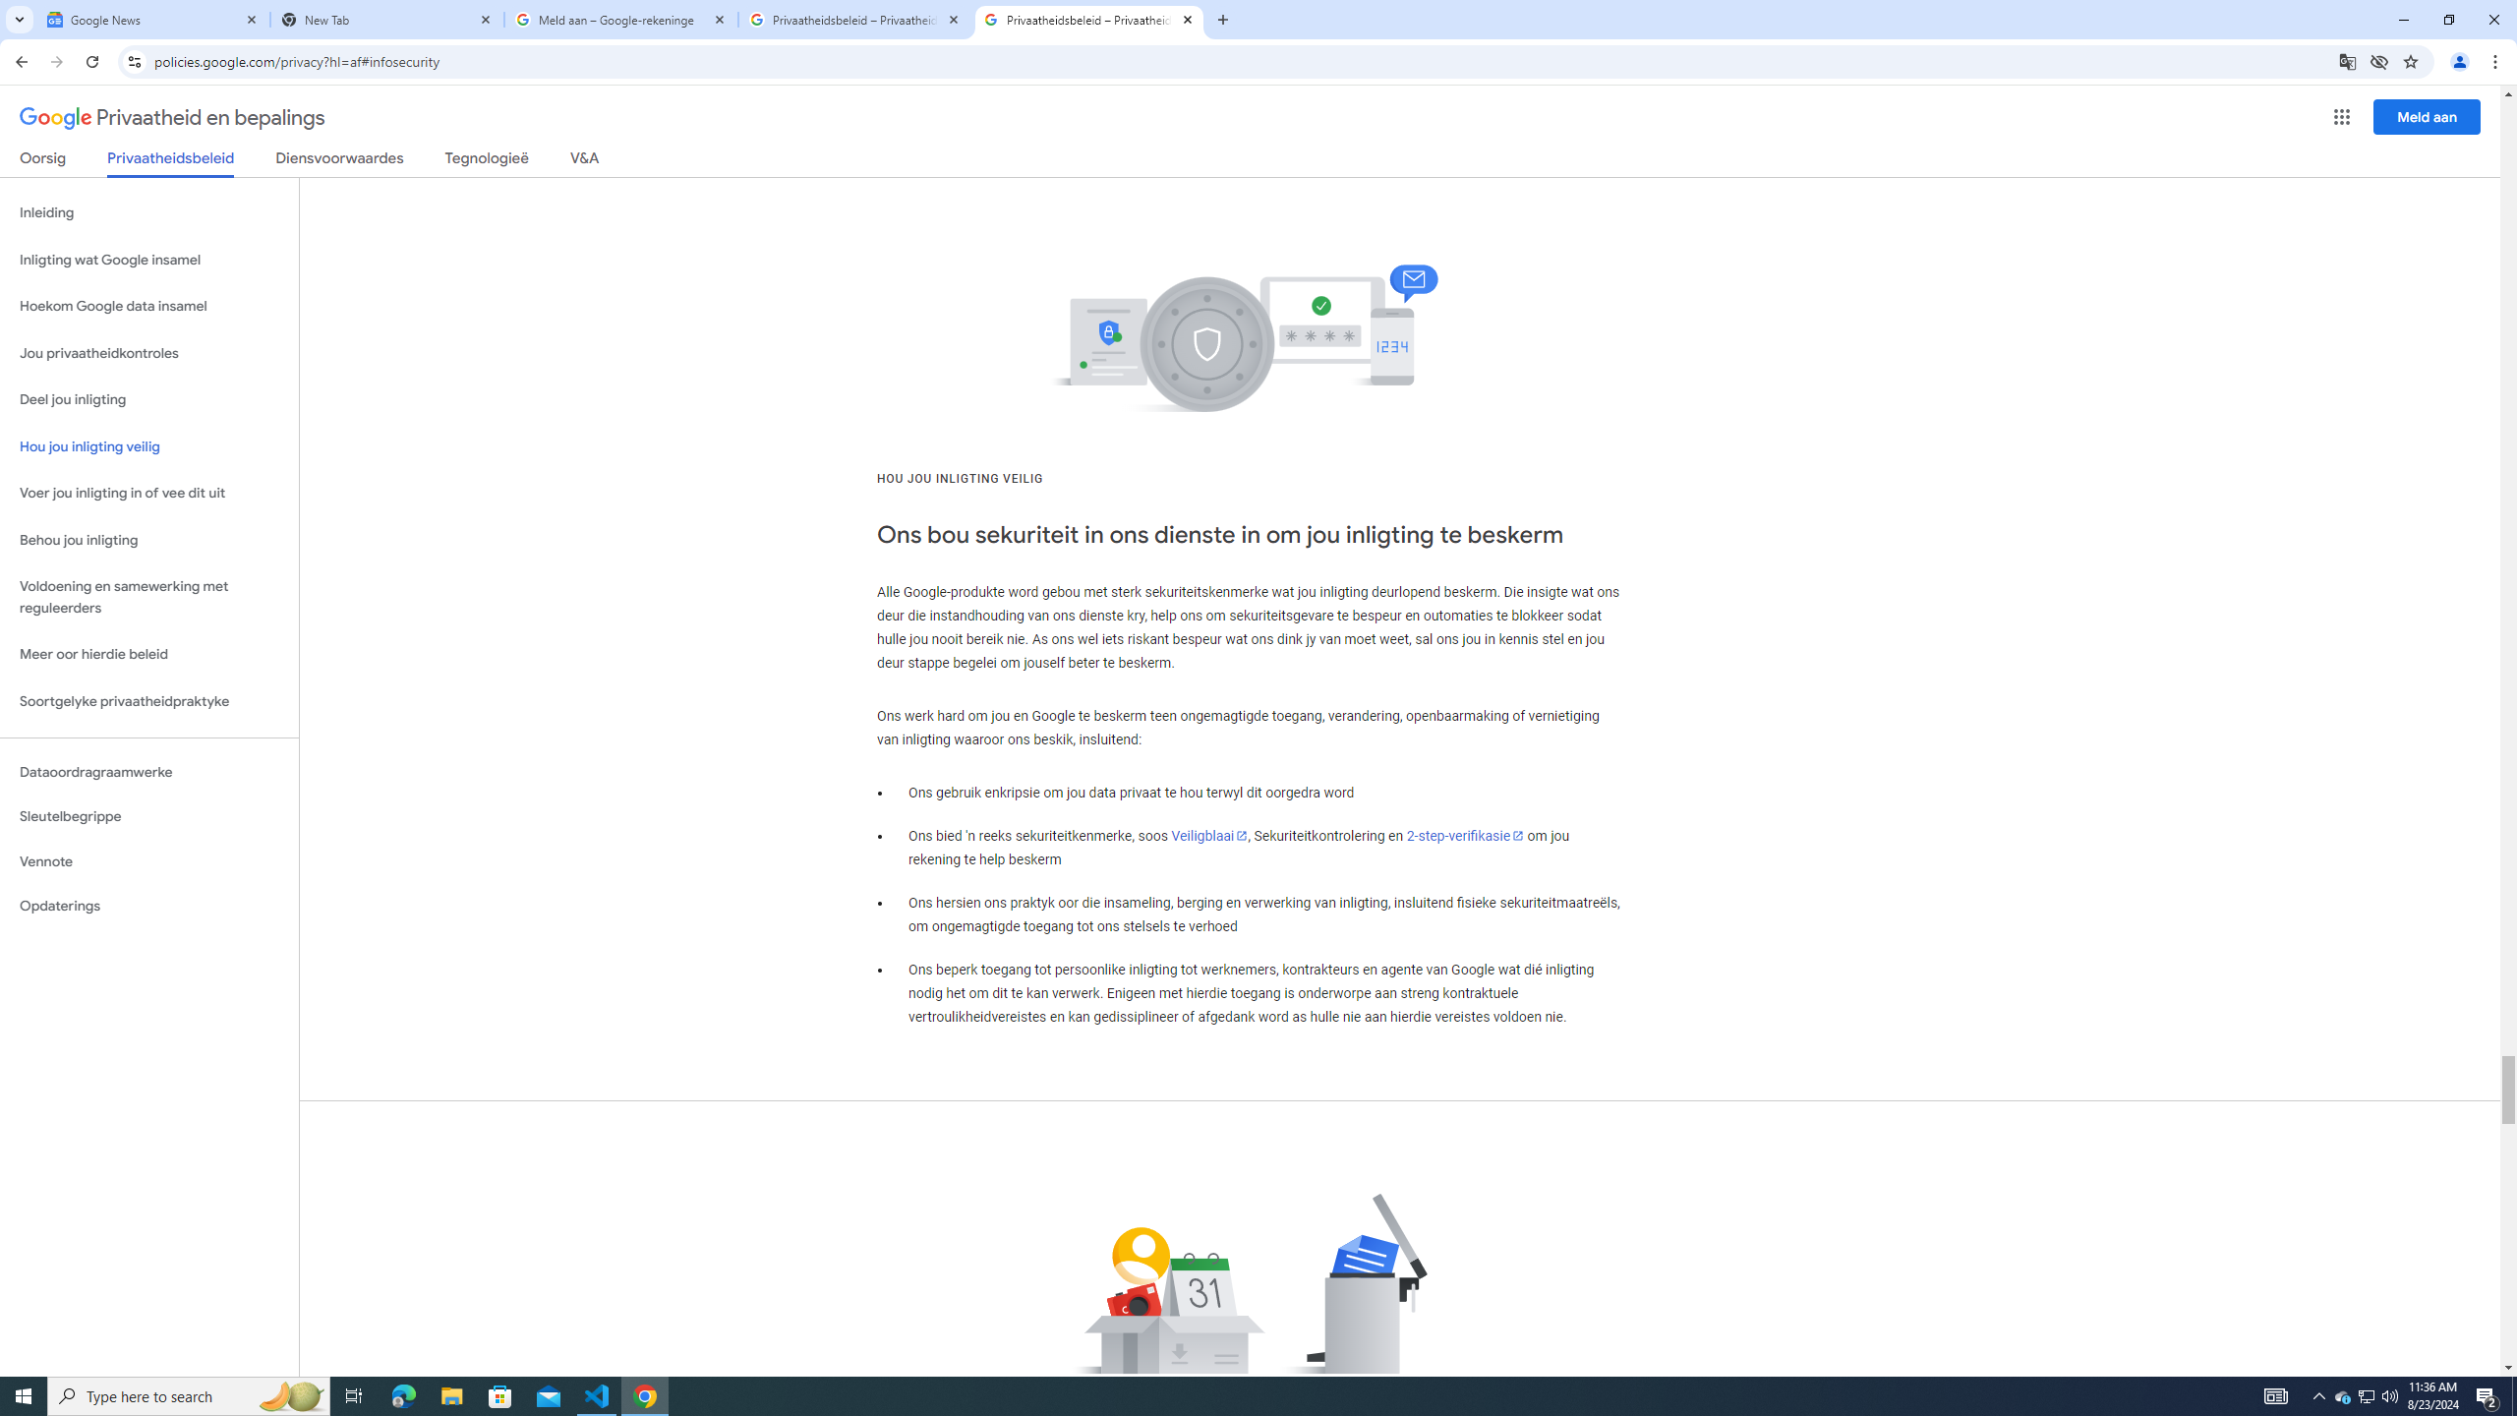 The height and width of the screenshot is (1416, 2517). I want to click on 'Deel jou inligting', so click(148, 398).